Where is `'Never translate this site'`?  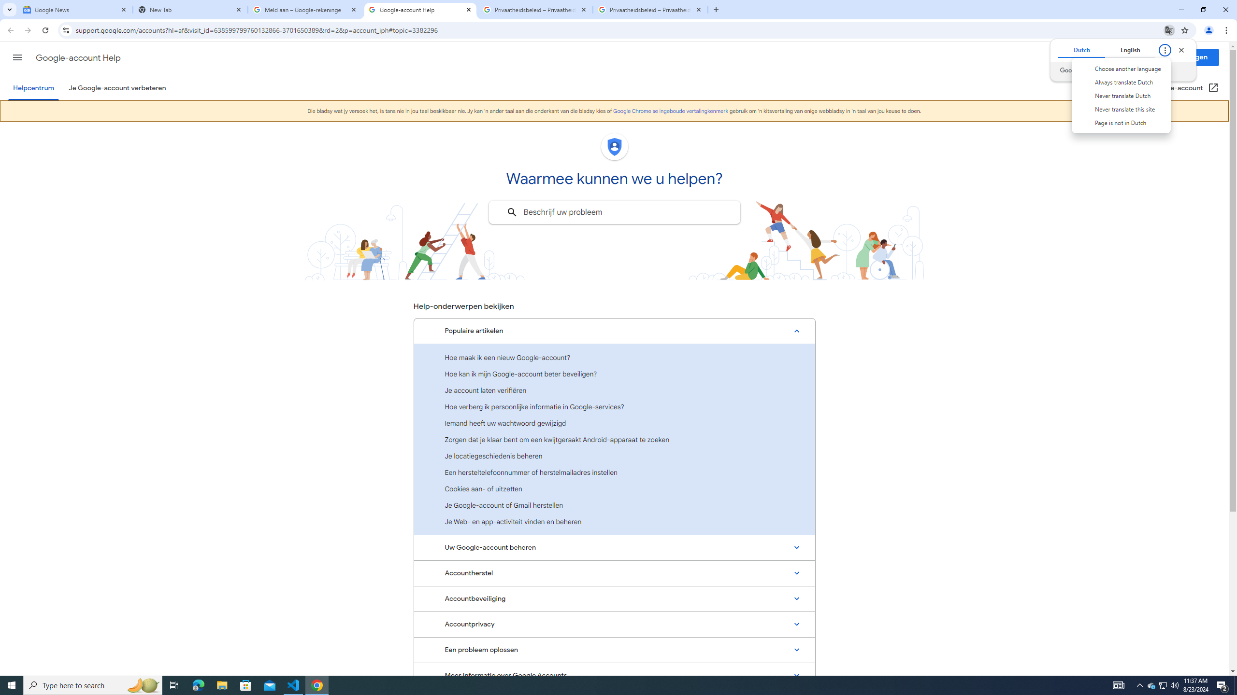
'Never translate this site' is located at coordinates (1121, 109).